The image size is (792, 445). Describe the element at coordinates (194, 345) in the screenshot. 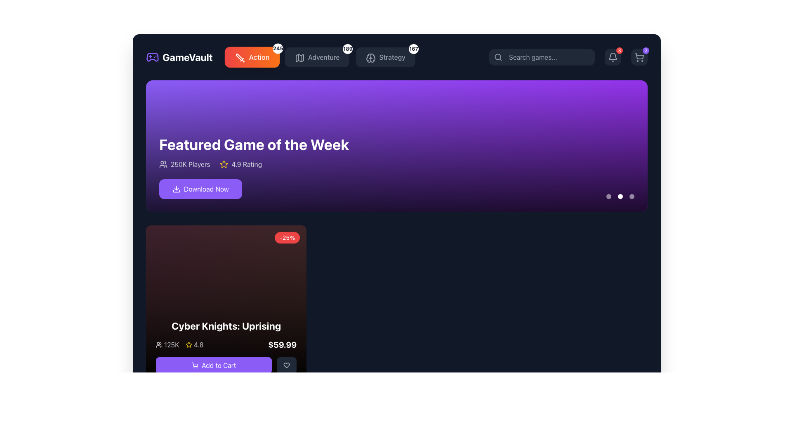

I see `the star icon representing the game's rating, located in the lower section of the card, to the right of the player count element showing '125K'` at that location.